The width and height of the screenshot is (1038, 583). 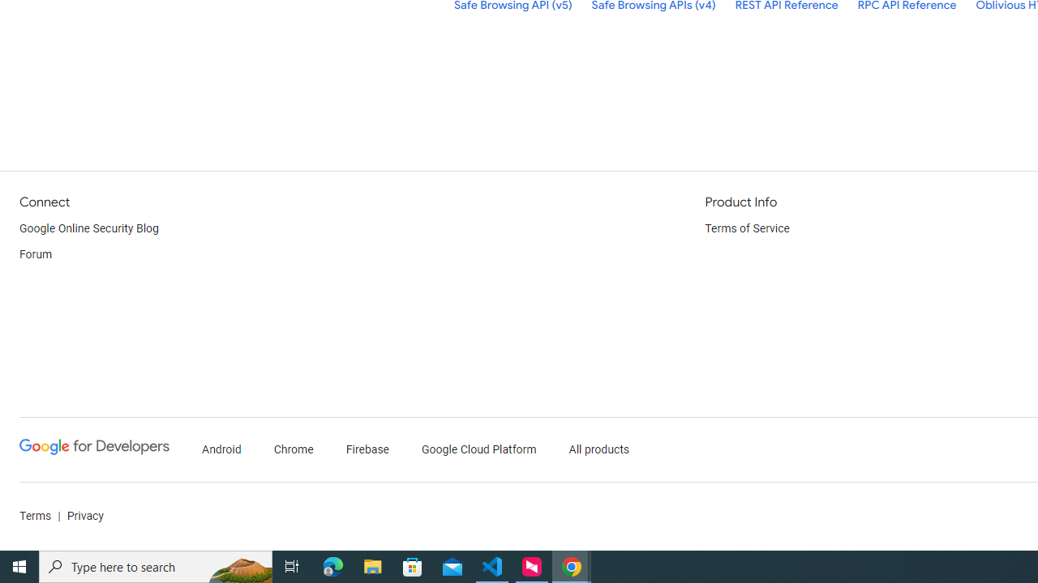 What do you see at coordinates (93, 446) in the screenshot?
I see `'Google Developers'` at bounding box center [93, 446].